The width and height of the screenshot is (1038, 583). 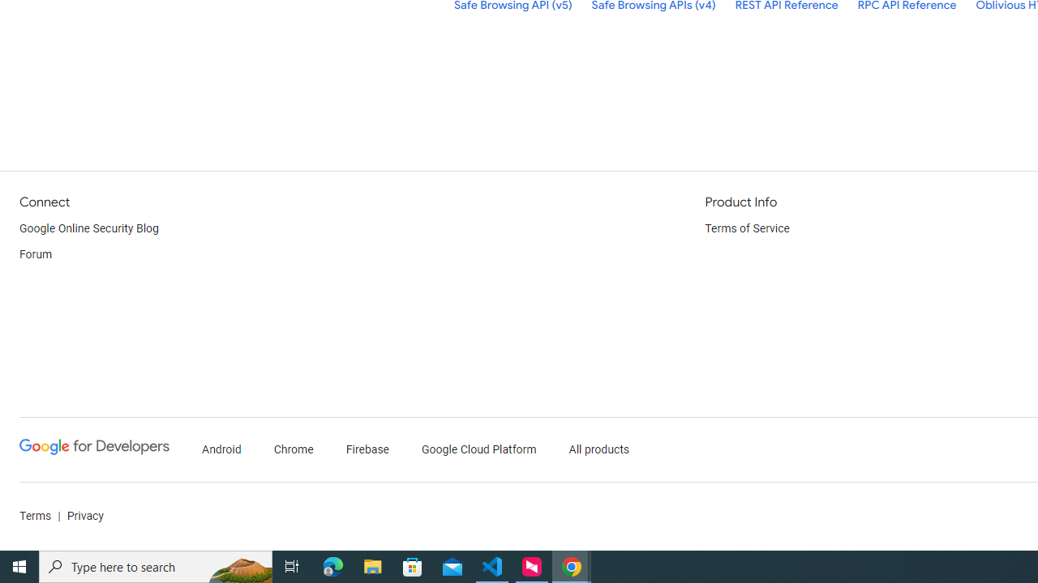 What do you see at coordinates (93, 446) in the screenshot?
I see `'Google Developers'` at bounding box center [93, 446].